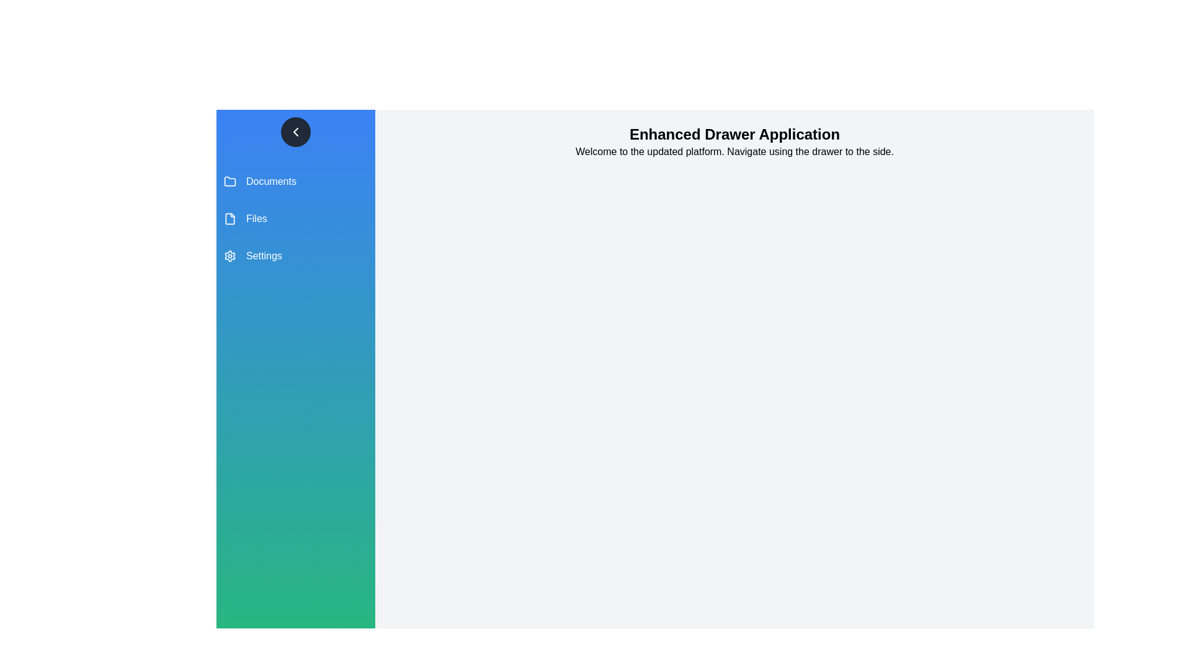 The height and width of the screenshot is (670, 1191). I want to click on toggle button to change the drawer's visibility, so click(295, 132).